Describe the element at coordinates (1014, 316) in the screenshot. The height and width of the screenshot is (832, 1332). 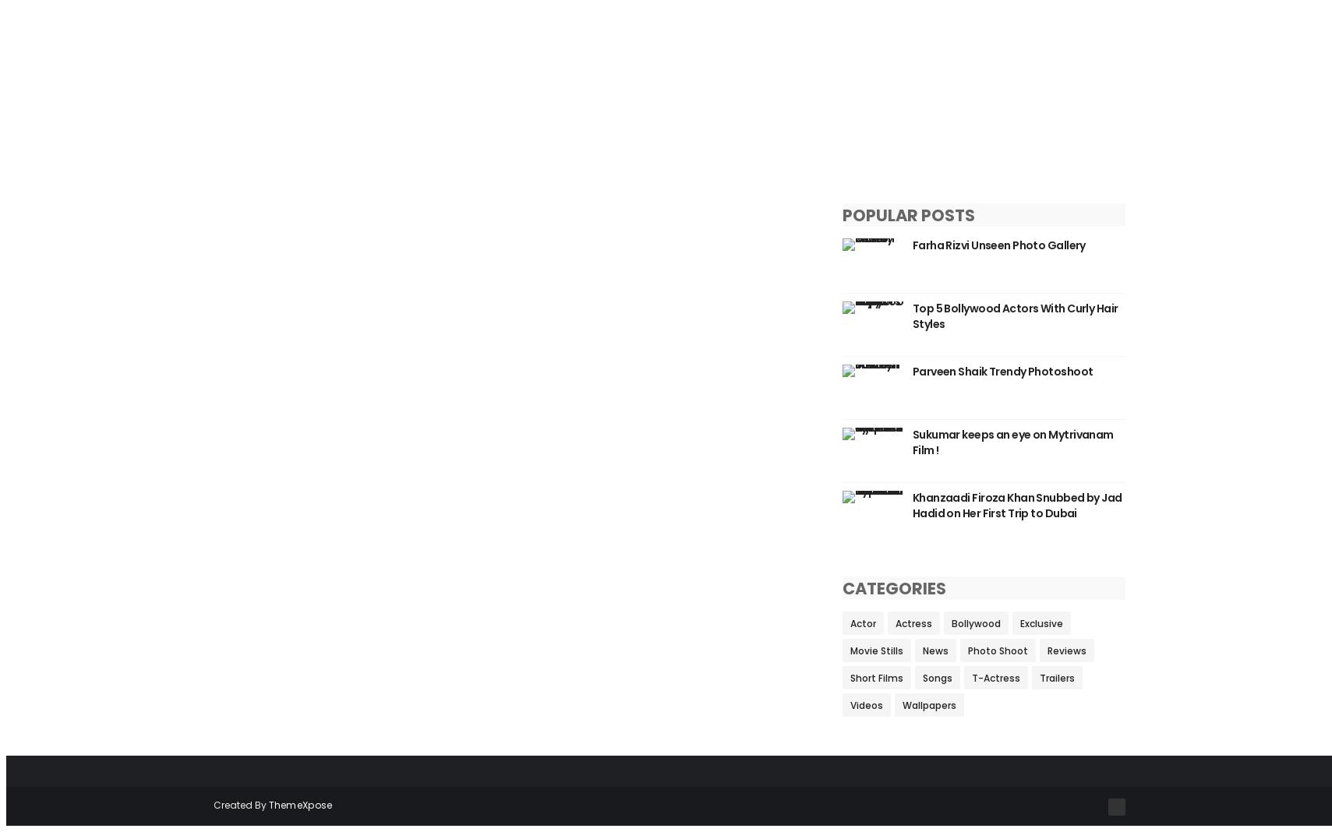
I see `'Top 5 Bollywood Actors With Curly Hair Styles'` at that location.